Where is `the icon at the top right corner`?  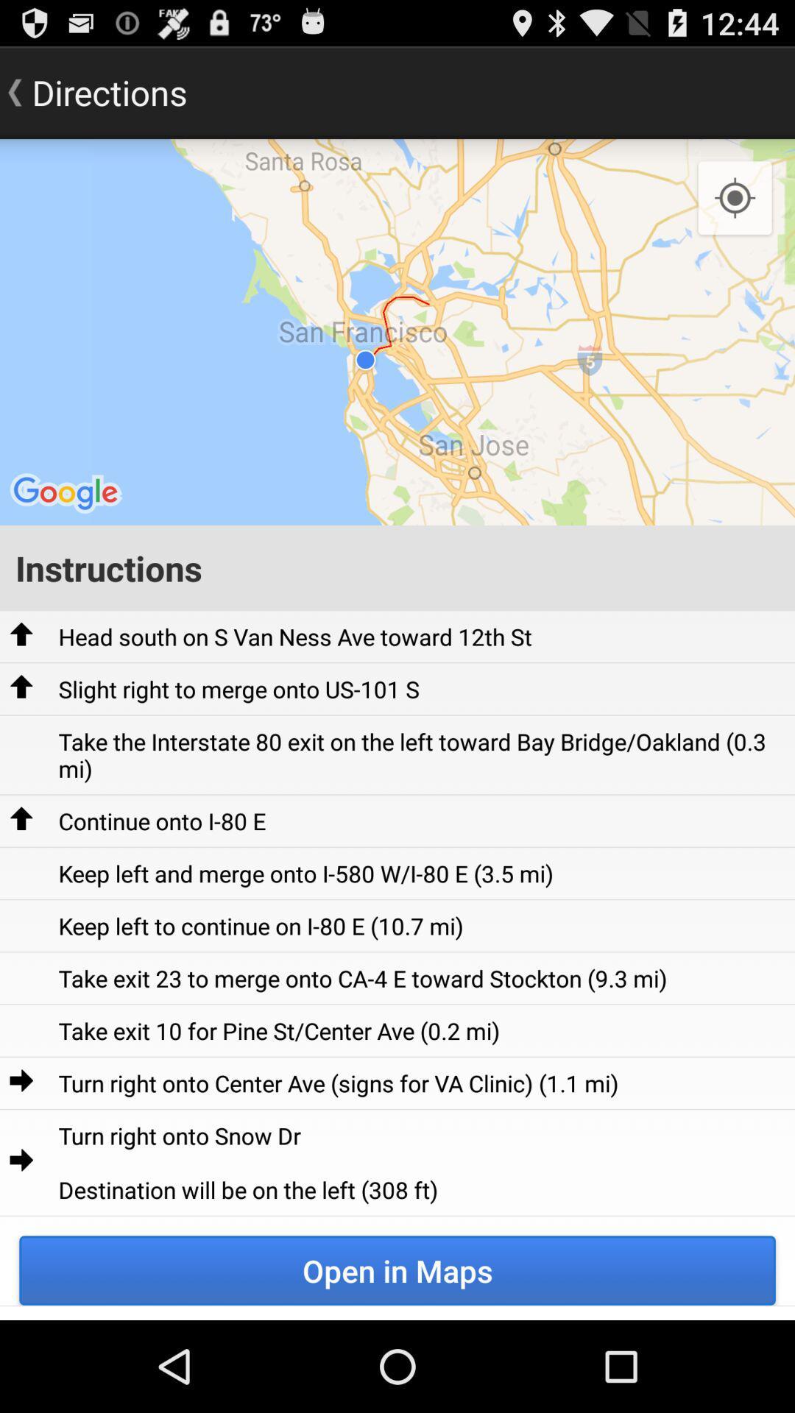
the icon at the top right corner is located at coordinates (735, 198).